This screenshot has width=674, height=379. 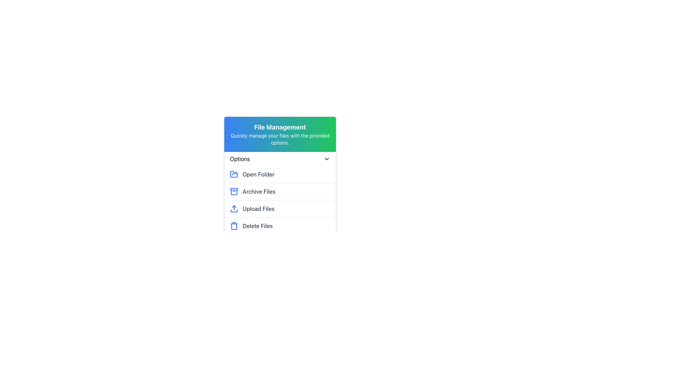 I want to click on the open folder icon located in the 'Options' section of the file management interface, so click(x=234, y=174).